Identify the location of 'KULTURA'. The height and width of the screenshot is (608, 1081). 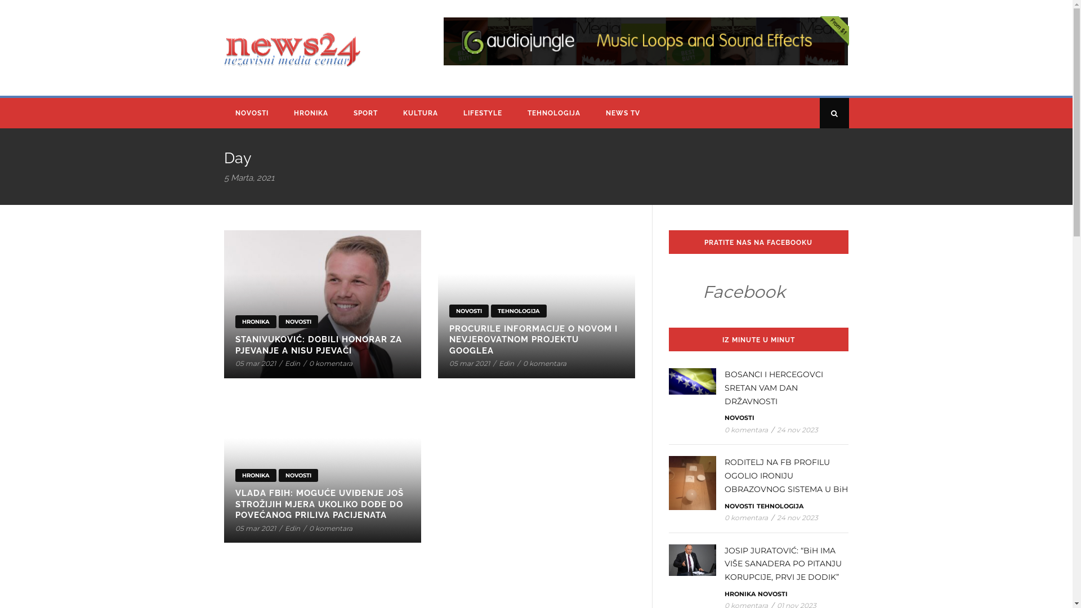
(421, 113).